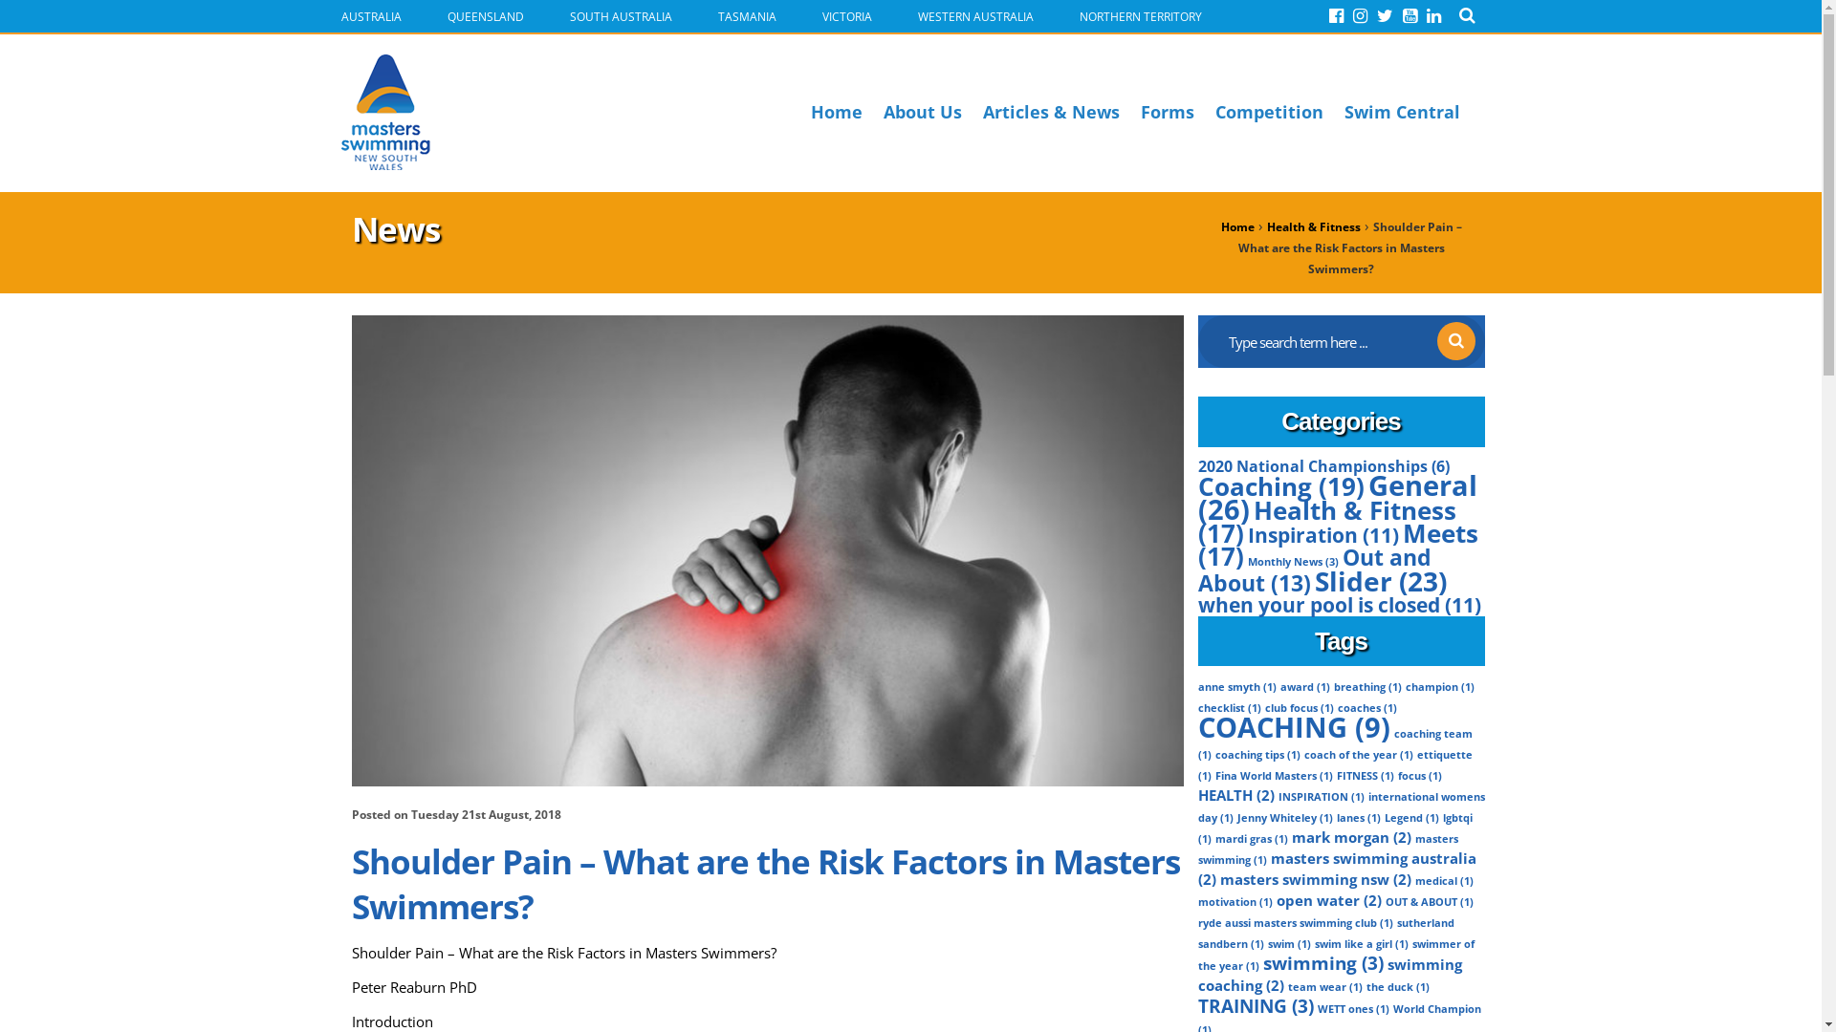 The image size is (1836, 1032). Describe the element at coordinates (1235, 902) in the screenshot. I see `'motivation (1)'` at that location.